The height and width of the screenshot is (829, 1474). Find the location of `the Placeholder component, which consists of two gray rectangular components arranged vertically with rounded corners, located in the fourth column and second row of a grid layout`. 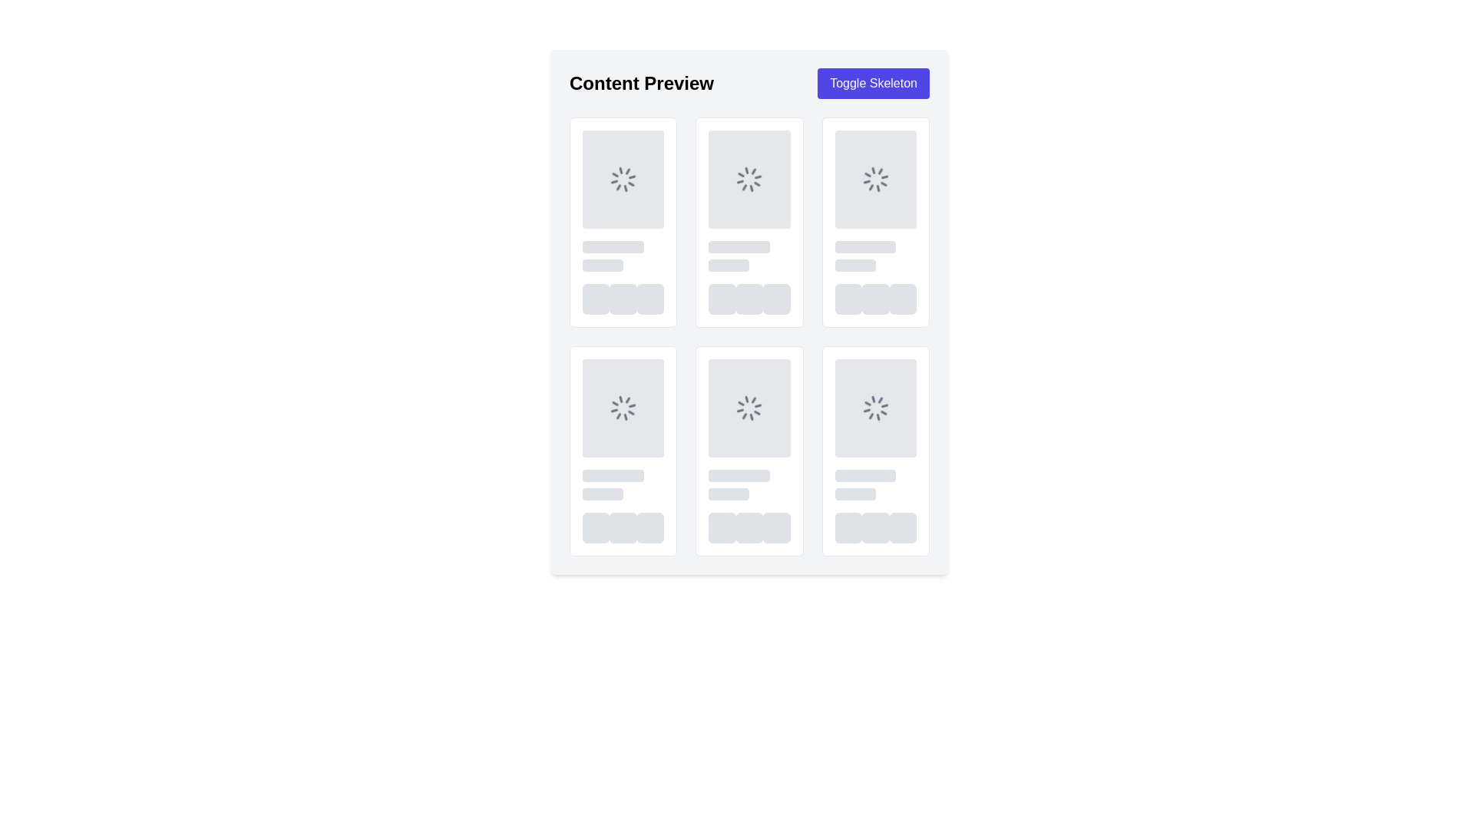

the Placeholder component, which consists of two gray rectangular components arranged vertically with rounded corners, located in the fourth column and second row of a grid layout is located at coordinates (875, 256).